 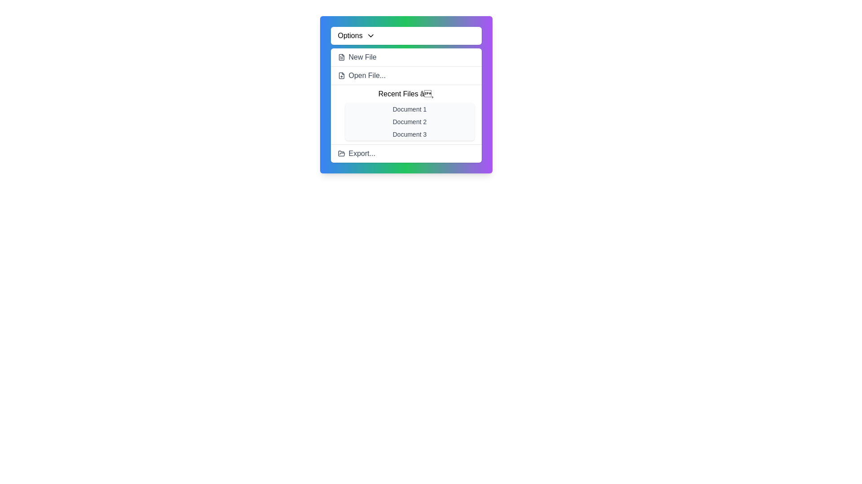 I want to click on the chevron-down icon located to the right of the 'Options' text in the prominent button at the top of the dropdown menu, so click(x=370, y=35).